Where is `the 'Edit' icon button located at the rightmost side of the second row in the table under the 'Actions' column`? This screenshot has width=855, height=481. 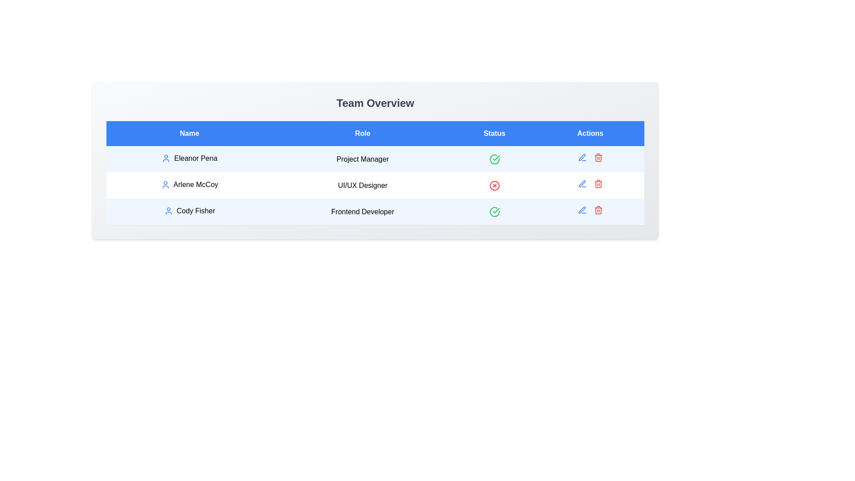 the 'Edit' icon button located at the rightmost side of the second row in the table under the 'Actions' column is located at coordinates (582, 157).